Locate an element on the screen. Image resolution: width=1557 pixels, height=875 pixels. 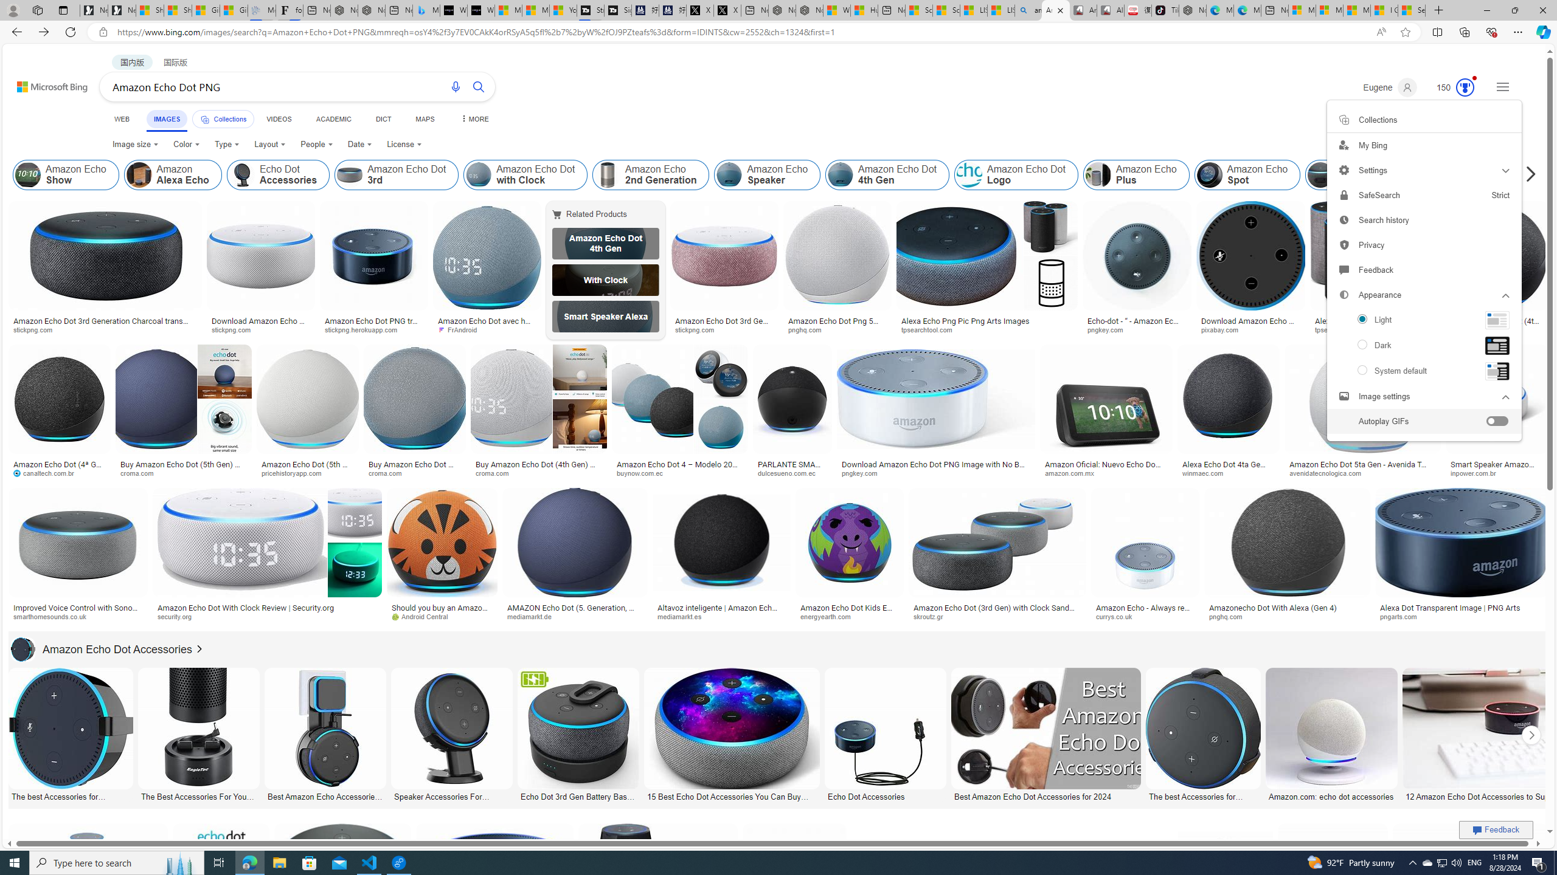
'pngarts.com' is located at coordinates (1460, 616).